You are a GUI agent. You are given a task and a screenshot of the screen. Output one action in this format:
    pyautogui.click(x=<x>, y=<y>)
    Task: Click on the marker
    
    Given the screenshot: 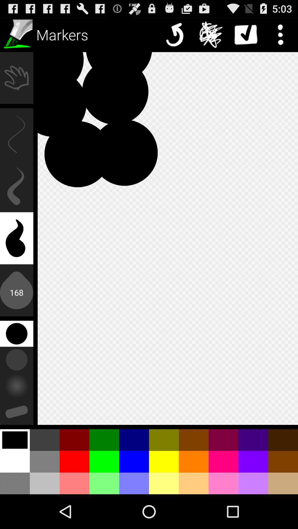 What is the action you would take?
    pyautogui.click(x=17, y=34)
    